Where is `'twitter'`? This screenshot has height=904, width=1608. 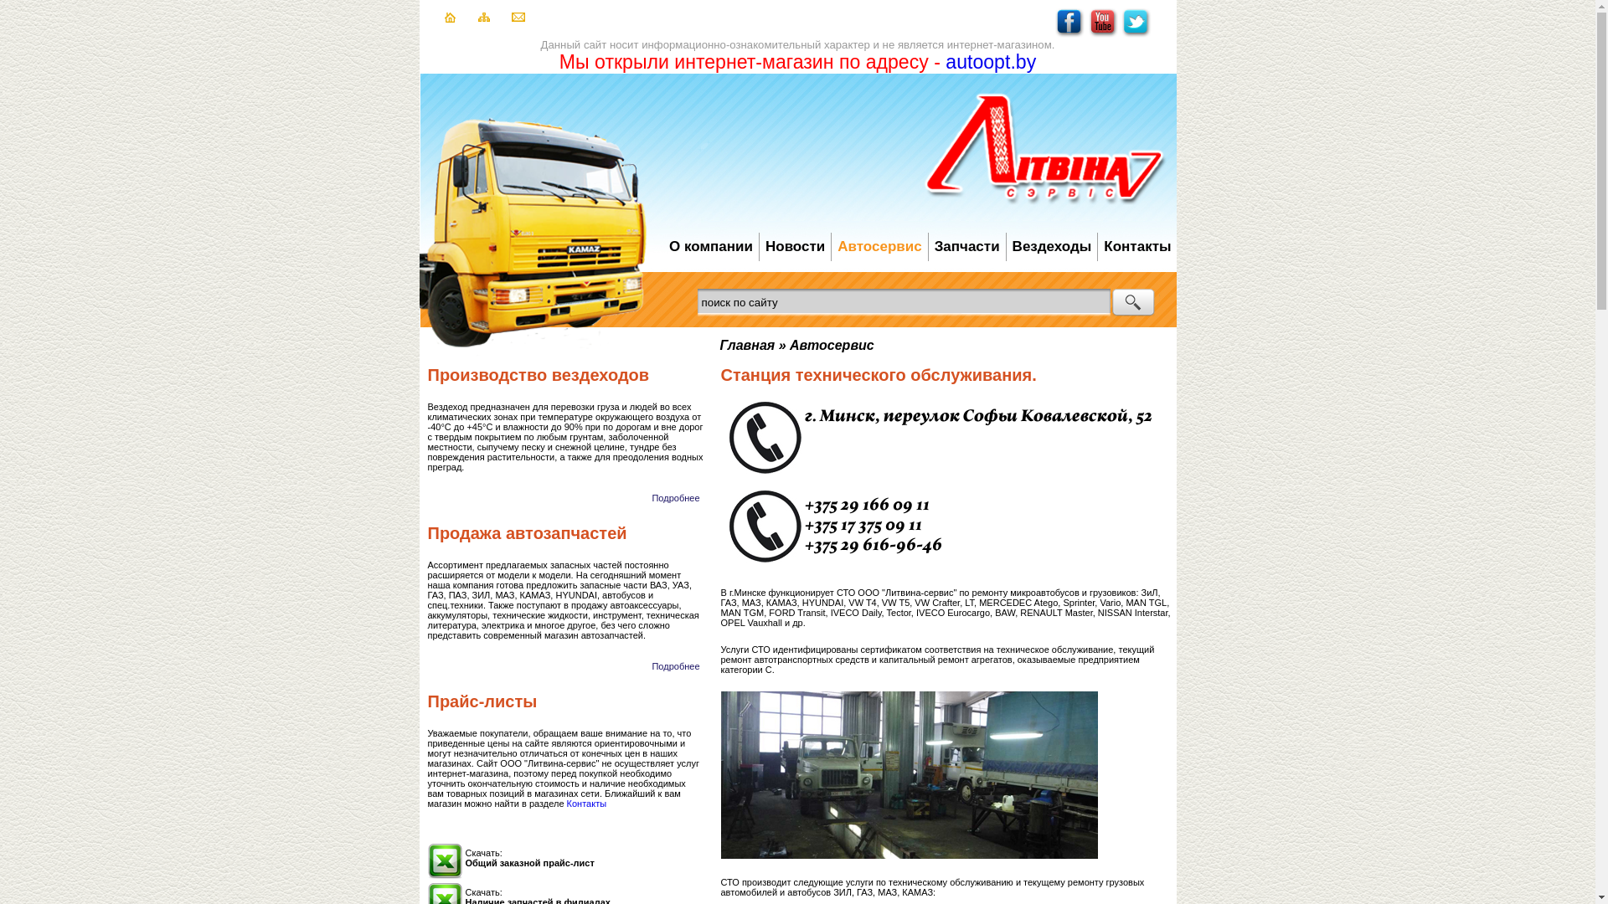 'twitter' is located at coordinates (1136, 34).